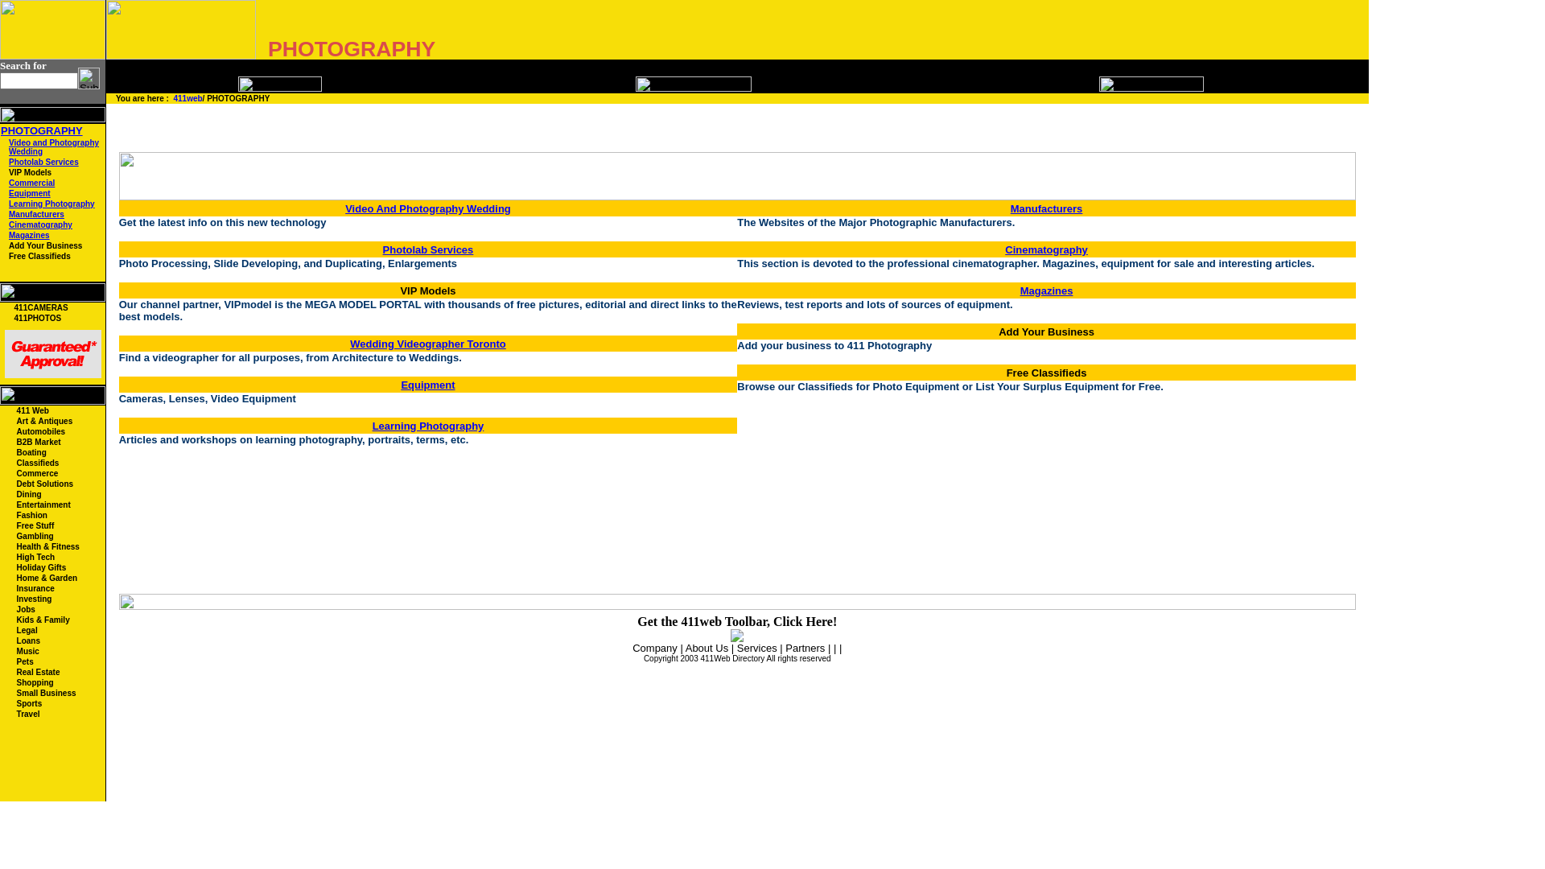  I want to click on 'Equipment', so click(427, 383).